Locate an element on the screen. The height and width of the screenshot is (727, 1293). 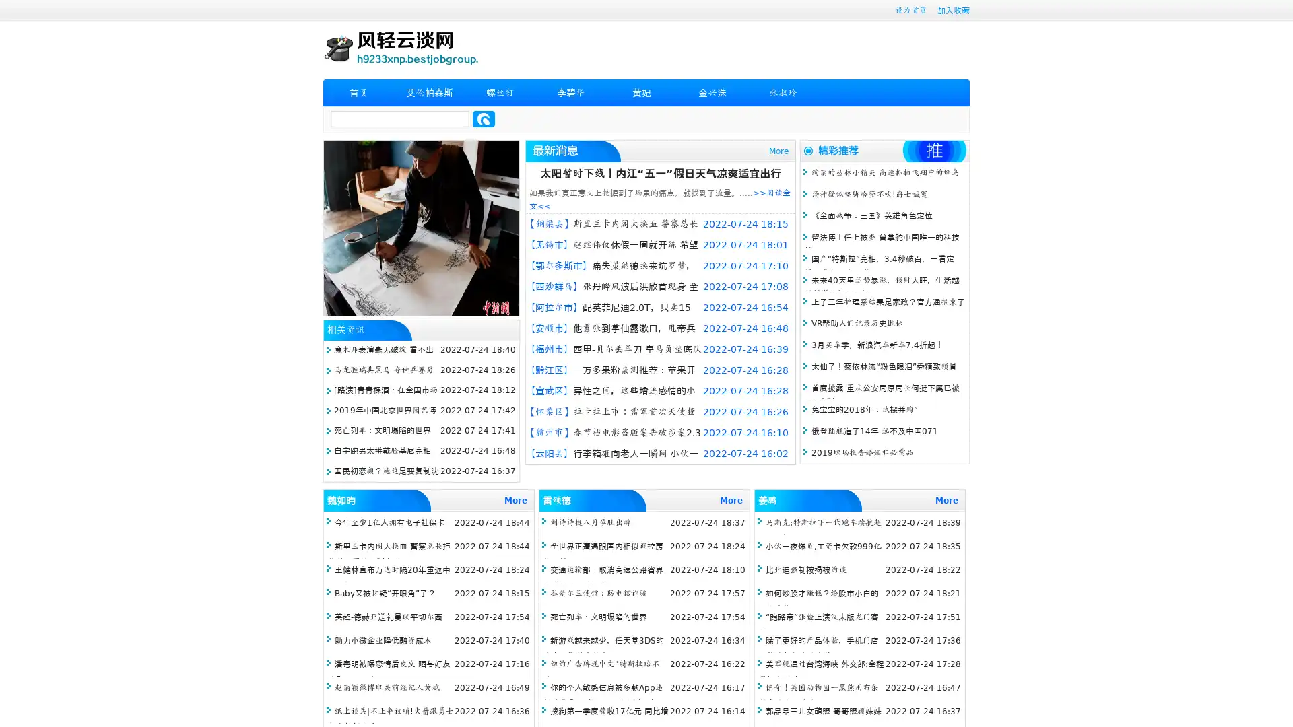
Search is located at coordinates (484, 118).